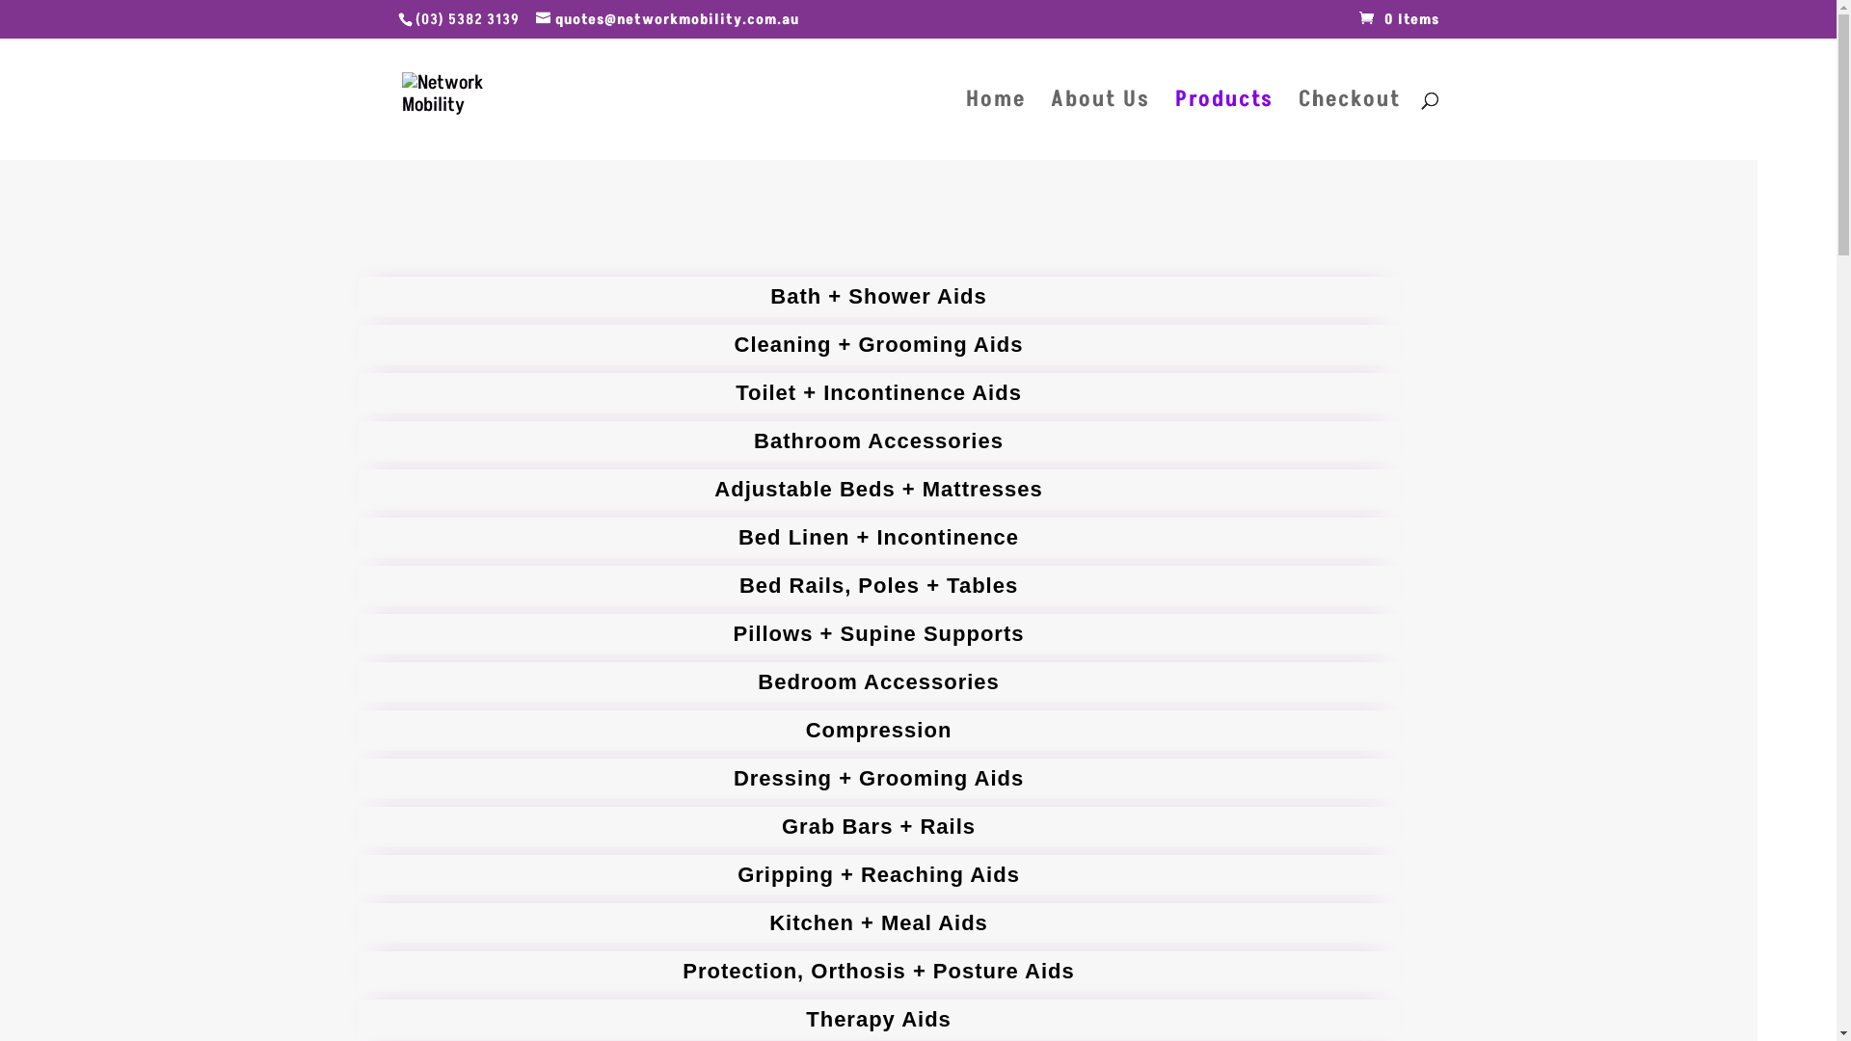 This screenshot has width=1851, height=1041. I want to click on 'Protection, Orthosis + Posture Aids', so click(878, 971).